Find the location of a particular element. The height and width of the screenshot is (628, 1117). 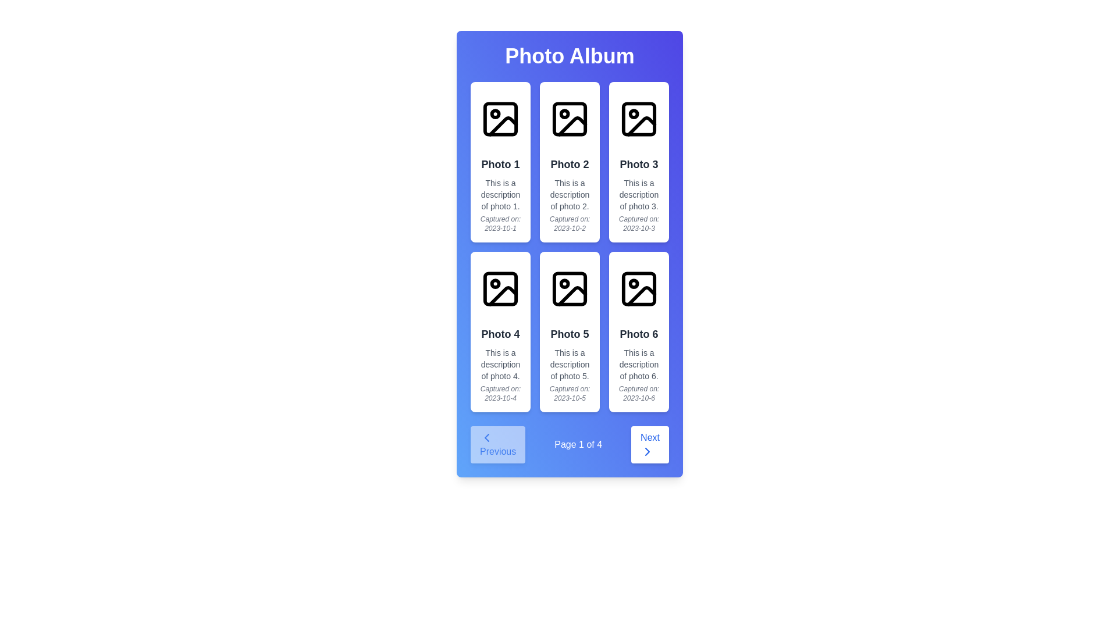

the small circular shape located on the top-left portion of the Photo 4 card in the Photo Album grid layout is located at coordinates (495, 284).